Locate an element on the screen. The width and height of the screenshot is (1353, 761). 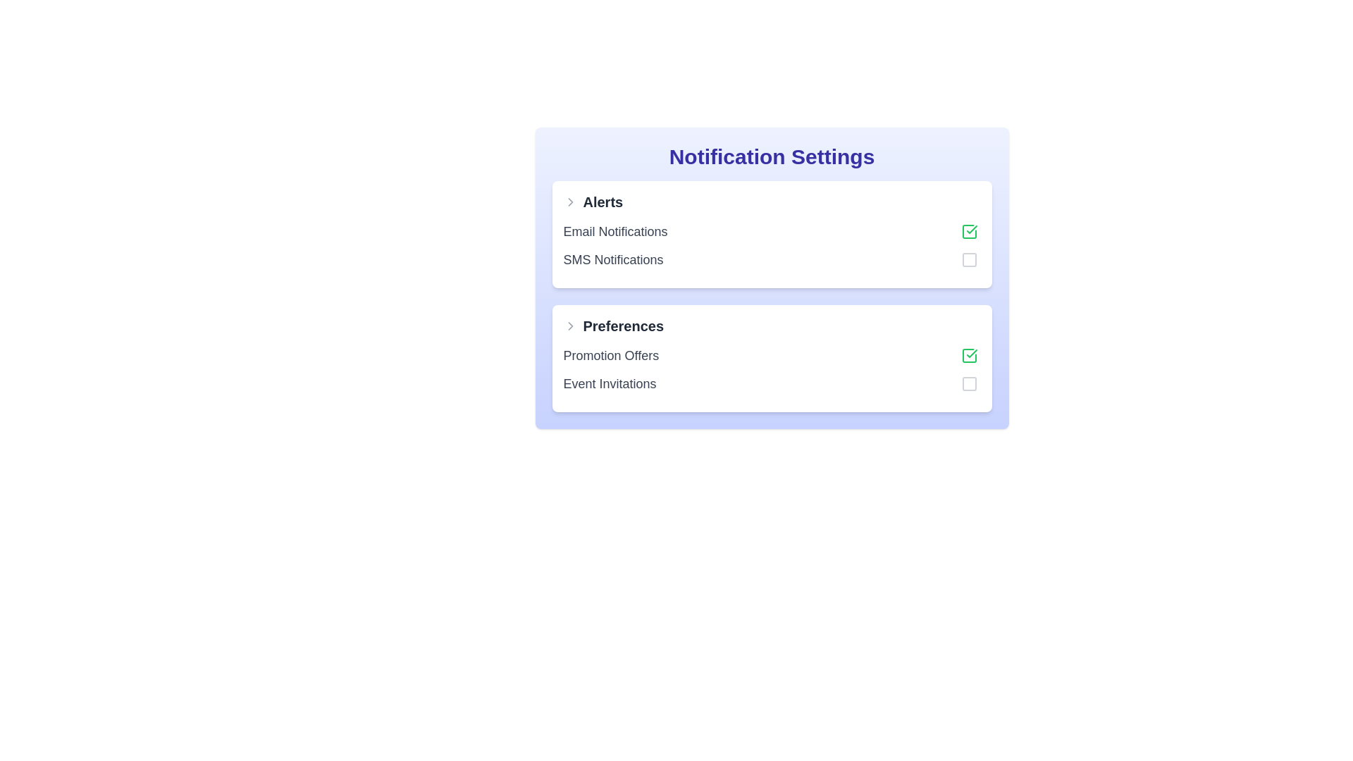
the toggle checkbox styled as an icon located to the right of the 'Email Notifications' label in the 'Alerts' section is located at coordinates (968, 230).